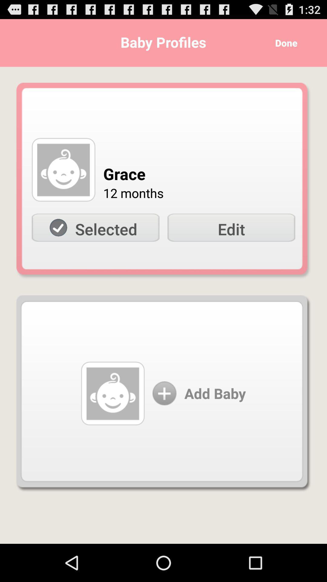  I want to click on edit, so click(231, 227).